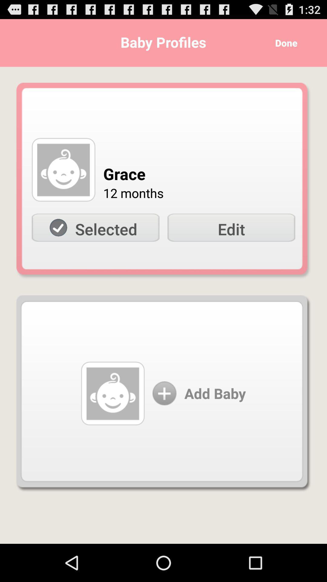  I want to click on edit, so click(231, 227).